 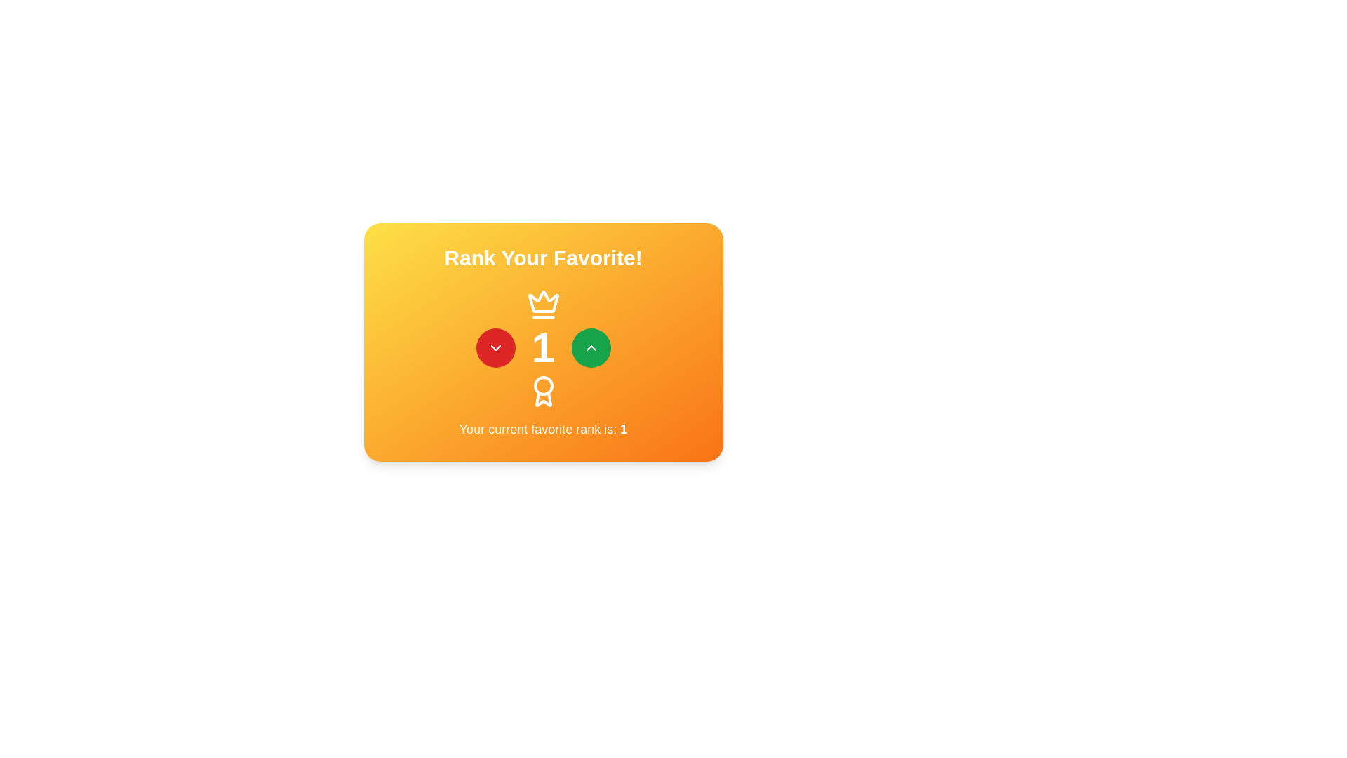 I want to click on the circular red button with a downward-pointing white chevron icon, so click(x=495, y=347).